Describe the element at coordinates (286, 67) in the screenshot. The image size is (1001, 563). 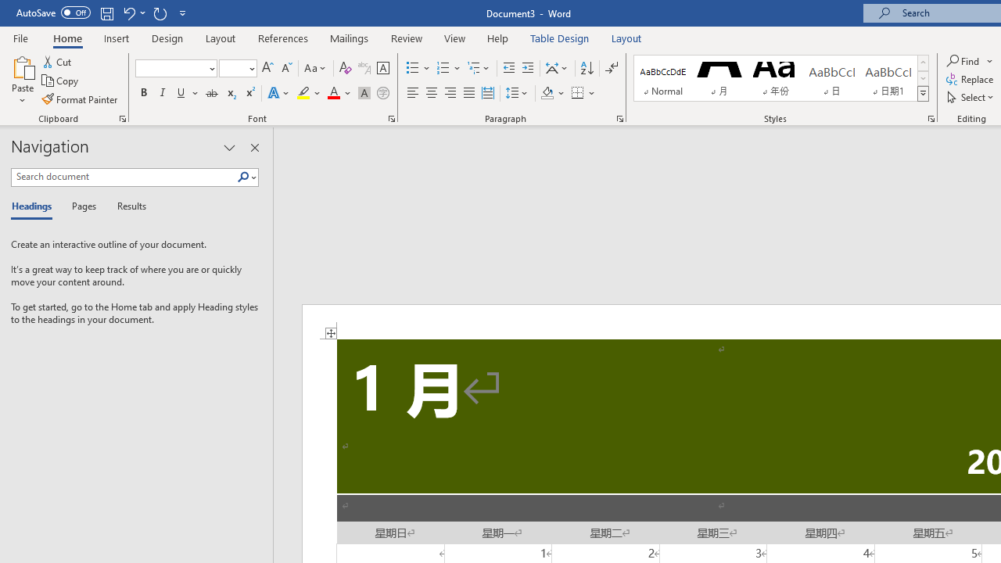
I see `'Shrink Font'` at that location.